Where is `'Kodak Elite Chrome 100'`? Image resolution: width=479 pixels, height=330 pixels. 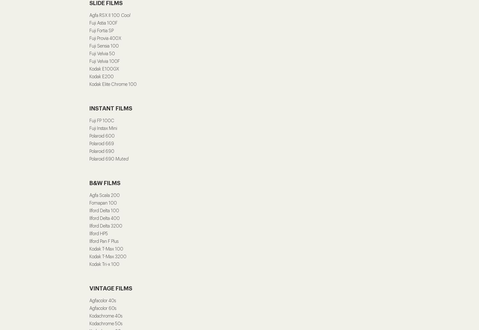 'Kodak Elite Chrome 100' is located at coordinates (113, 84).